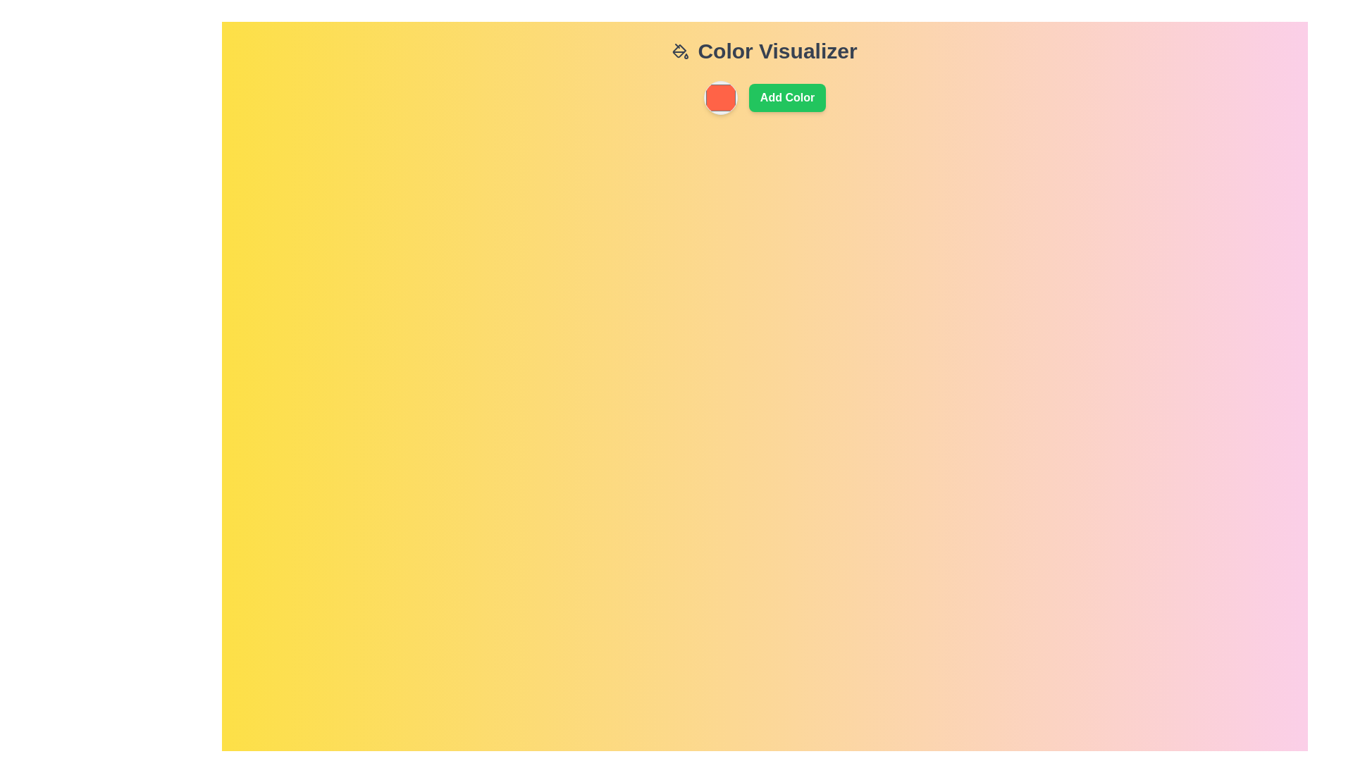  I want to click on the green 'Add Color' button with bold white text, so click(764, 97).